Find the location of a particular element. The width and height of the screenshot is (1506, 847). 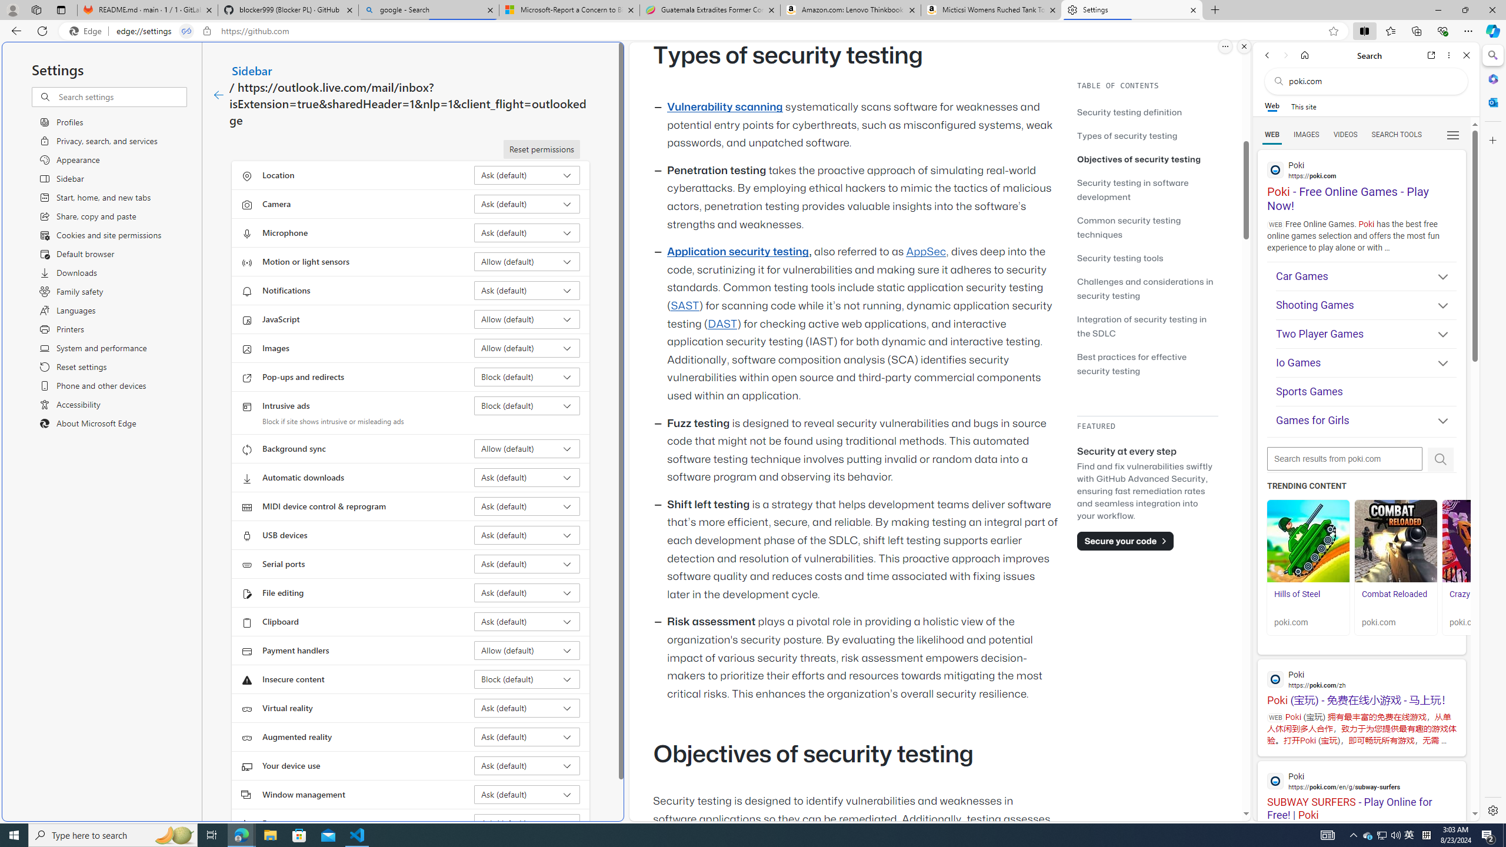

'Vulnerability scanning' is located at coordinates (724, 106).